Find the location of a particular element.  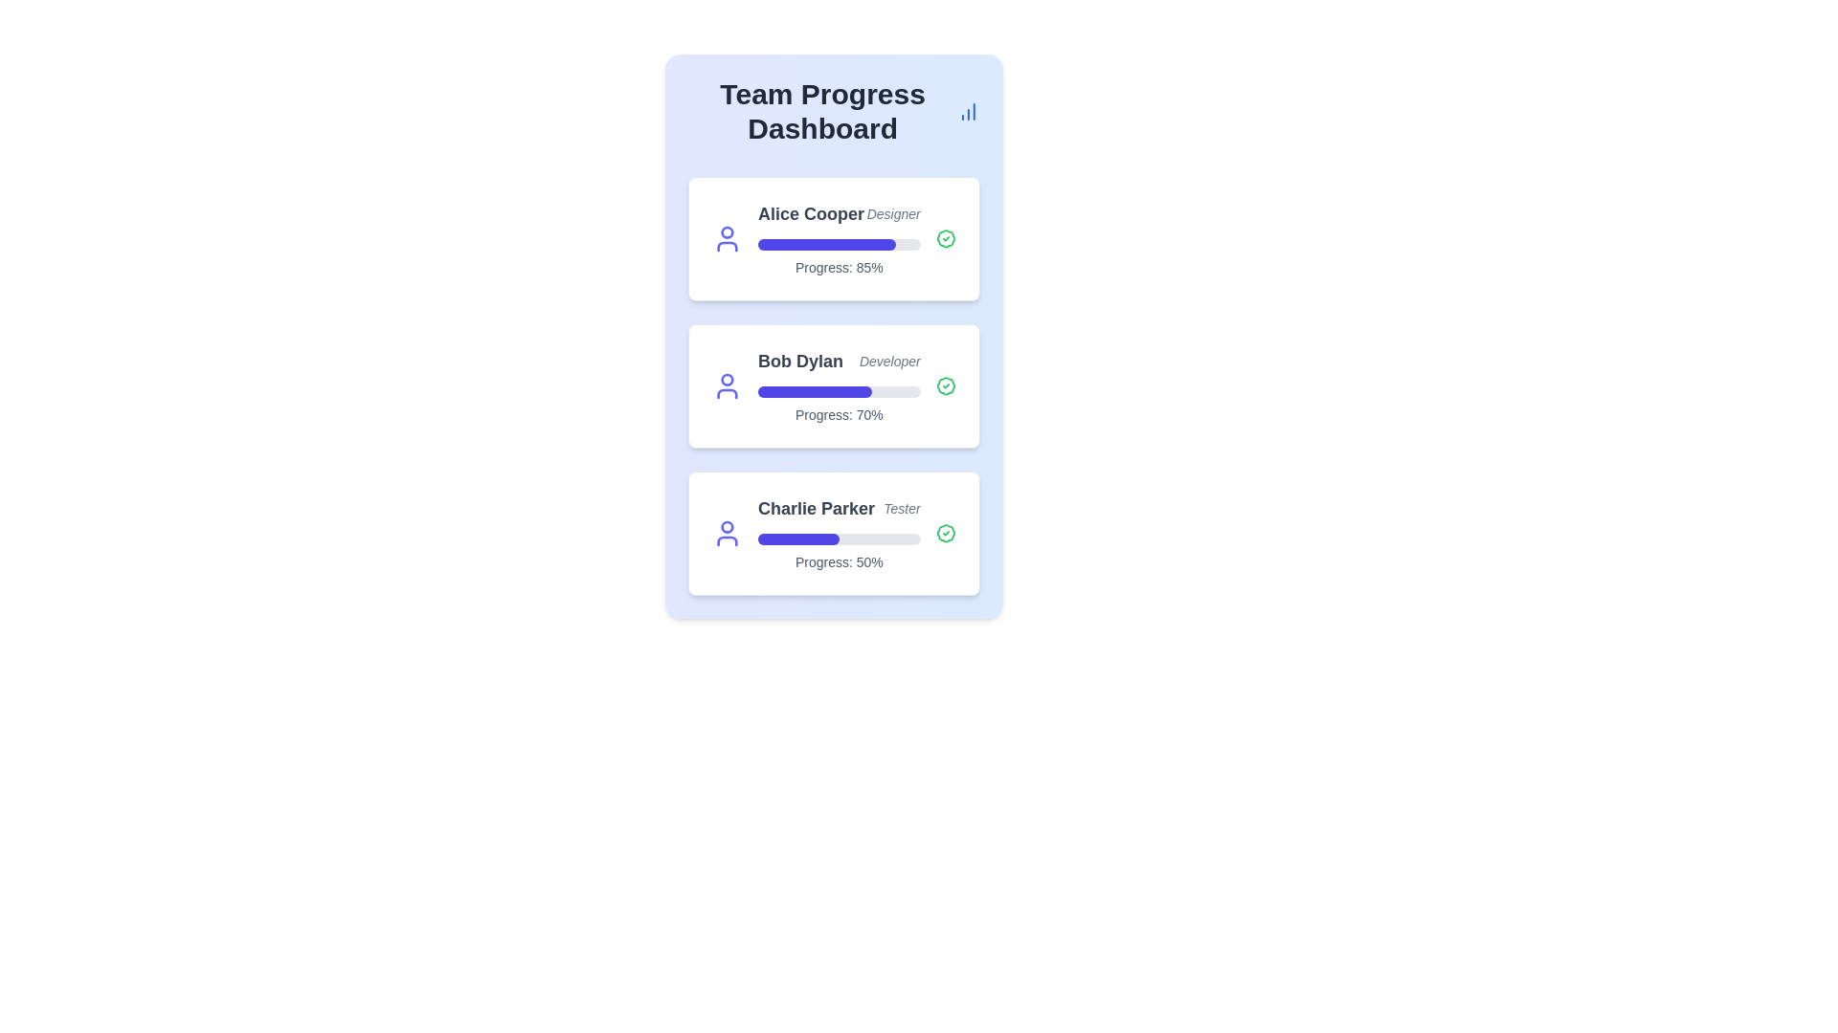

text content of the Text label displaying 'Charlie Parker' and 'Tester' within the third user progress card on the dashboard is located at coordinates (839, 508).